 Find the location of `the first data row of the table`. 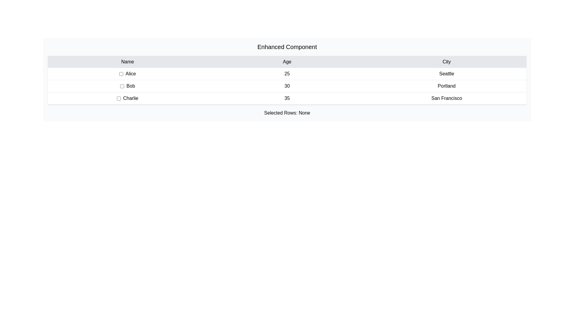

the first data row of the table is located at coordinates (287, 74).